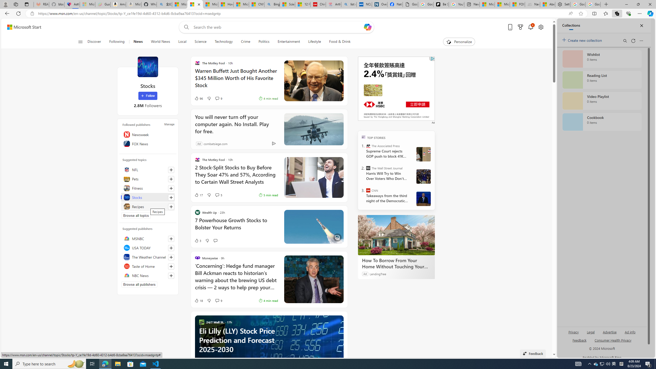 The height and width of the screenshot is (369, 656). I want to click on 'Stocks', so click(148, 67).